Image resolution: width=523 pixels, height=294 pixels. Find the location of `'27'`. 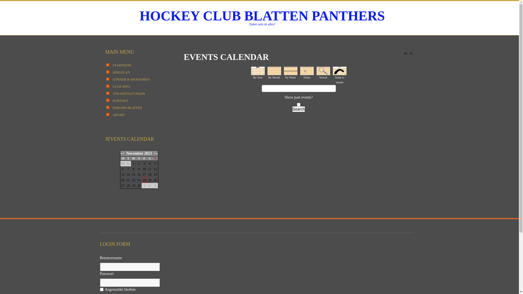

'27' is located at coordinates (121, 185).